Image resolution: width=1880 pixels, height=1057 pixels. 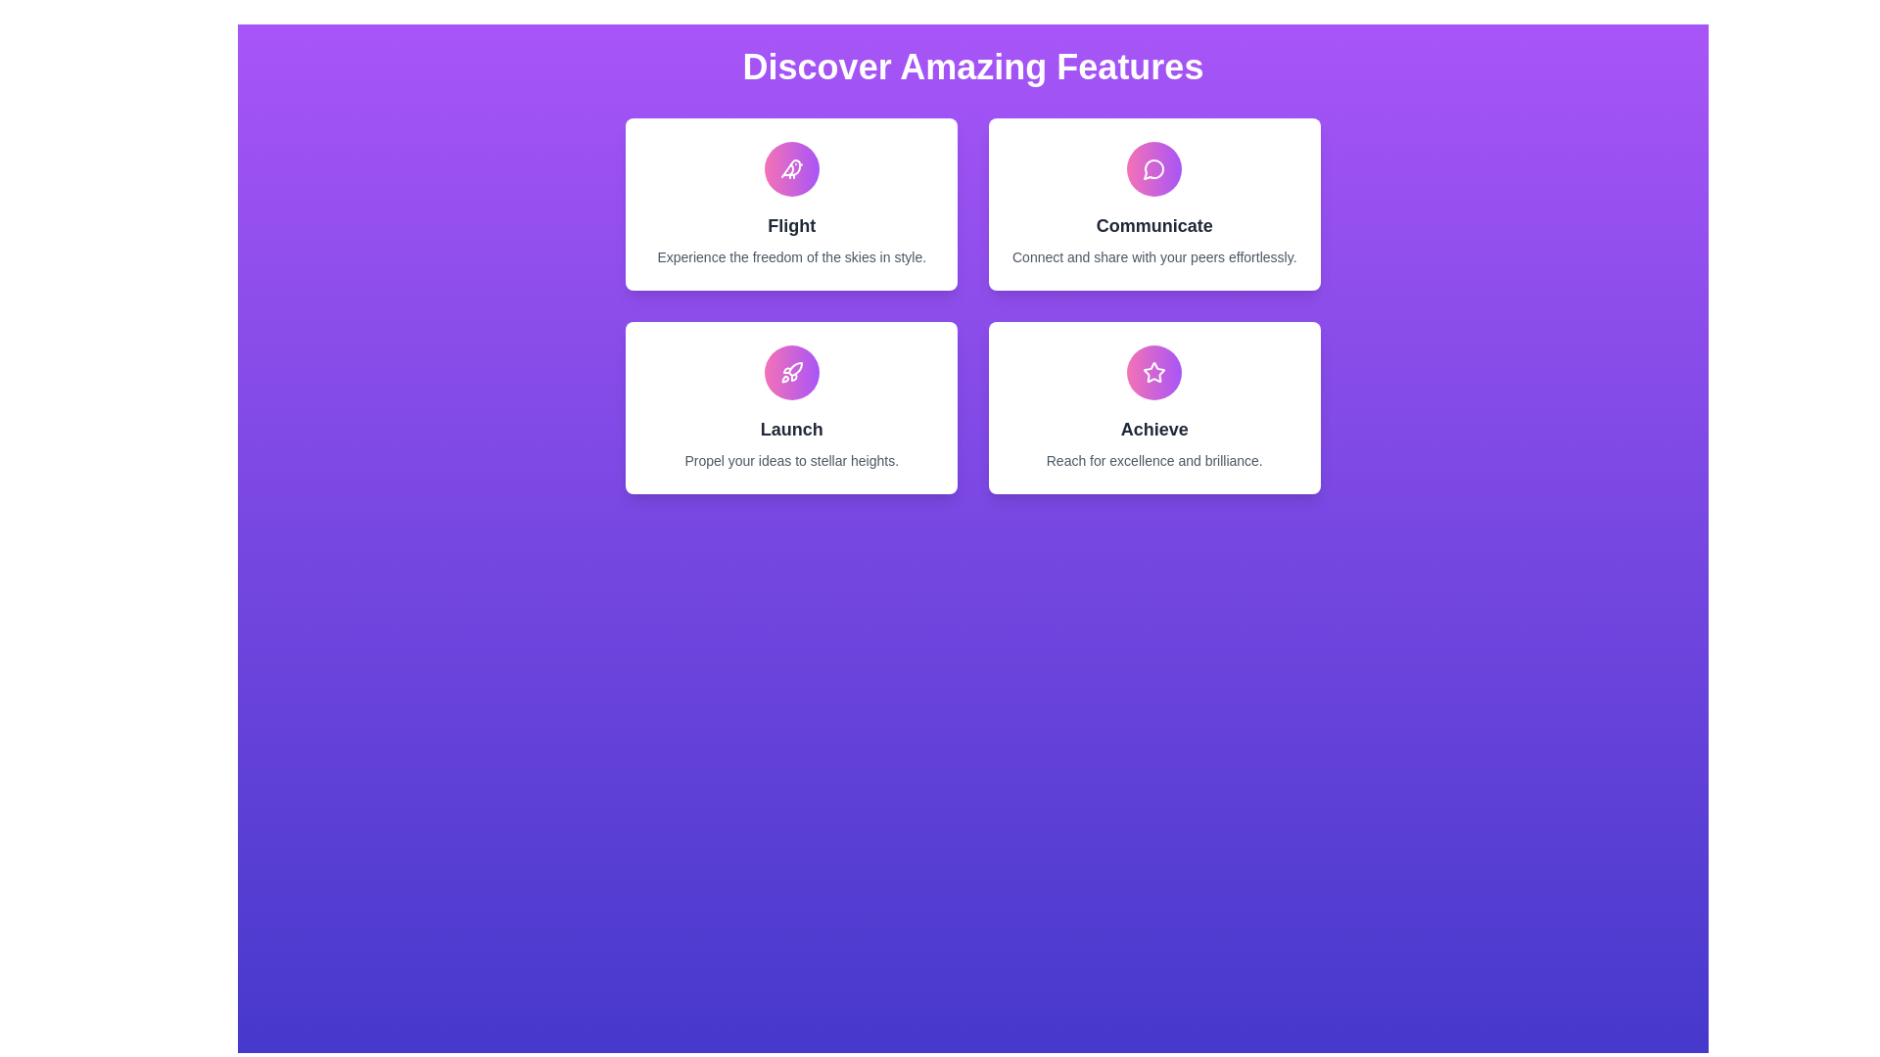 What do you see at coordinates (1154, 429) in the screenshot?
I see `the Text Label that serves as the title for the card, located on the right side of the second row in a four-card grid layout, positioned under the star icon and above the text 'Reach for excellence and brilliance.'` at bounding box center [1154, 429].